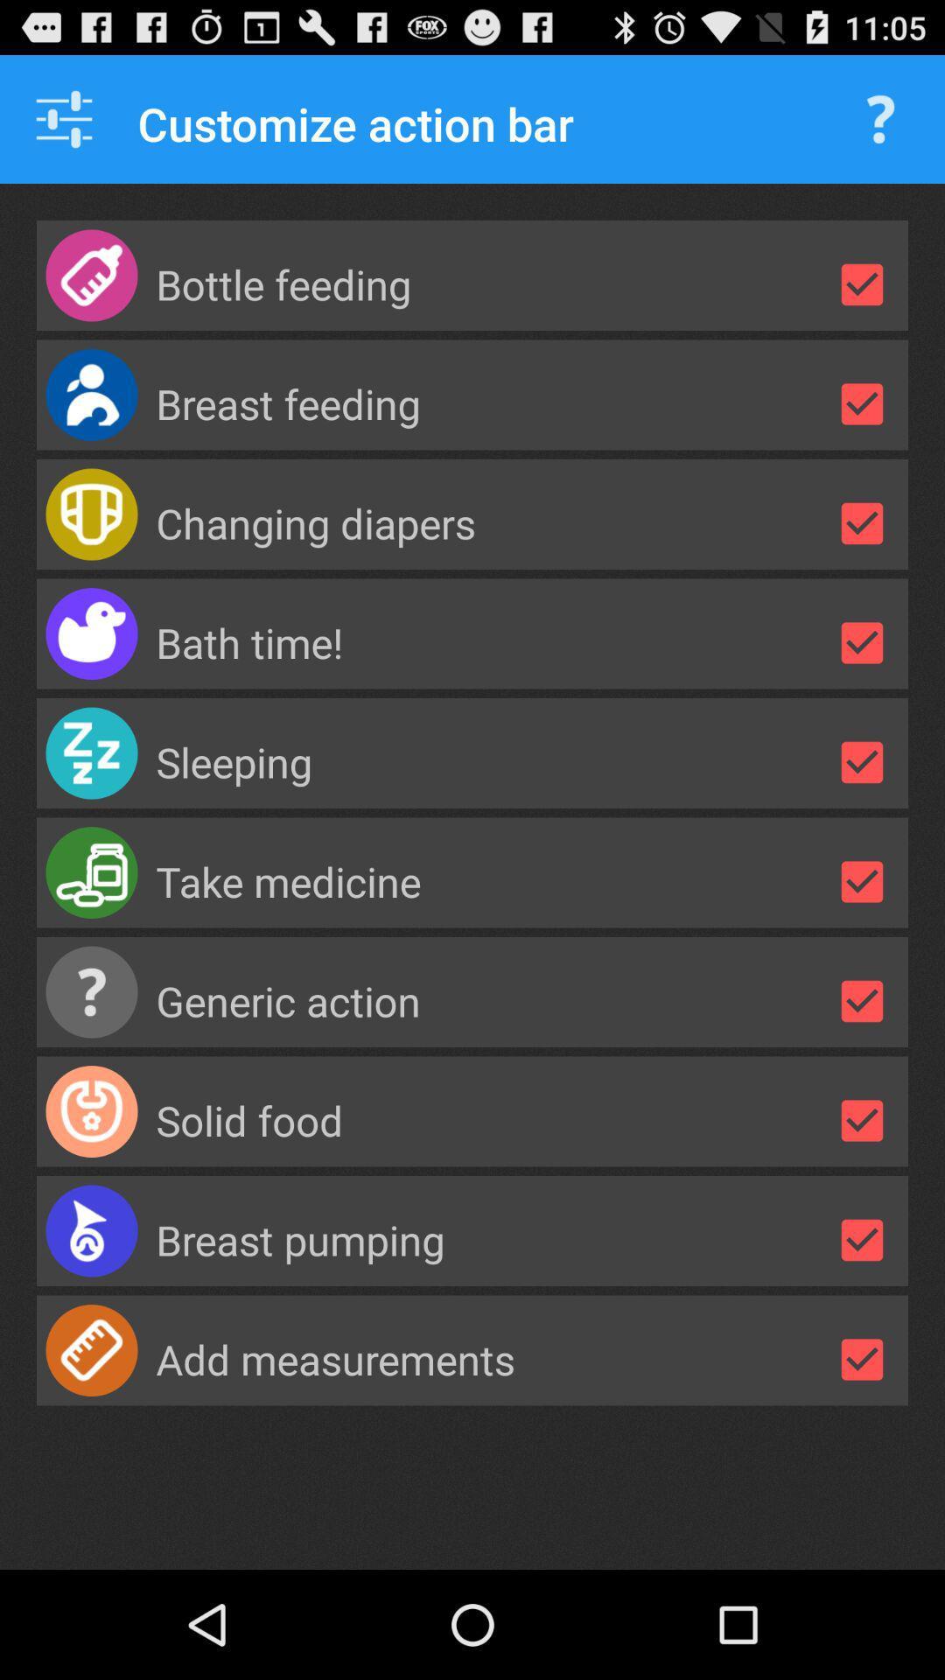  I want to click on the help icon, so click(880, 127).